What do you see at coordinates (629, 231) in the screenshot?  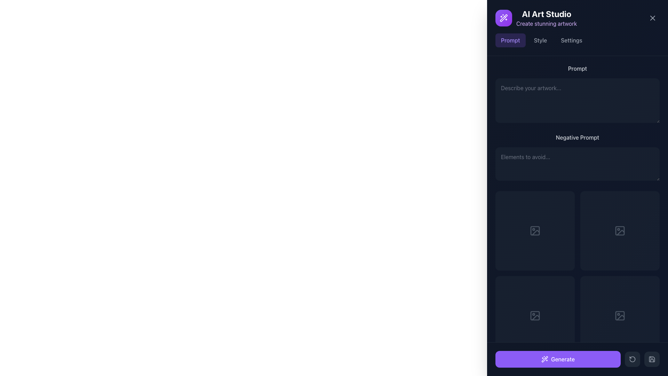 I see `the download button located in the bottom-right corner of a group of buttons` at bounding box center [629, 231].